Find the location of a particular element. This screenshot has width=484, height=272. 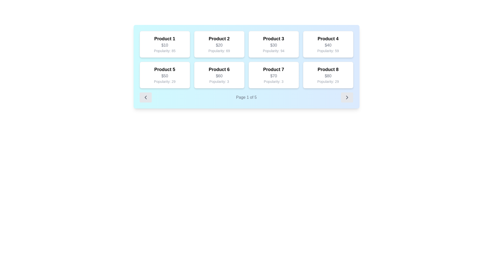

the chevron icon located on the far left side of the pagination navigation is located at coordinates (145, 97).